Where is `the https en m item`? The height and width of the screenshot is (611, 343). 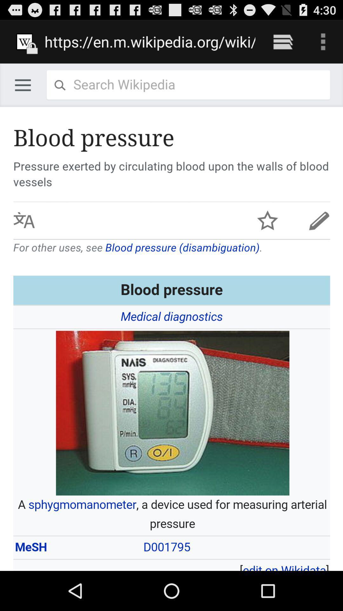
the https en m item is located at coordinates (150, 41).